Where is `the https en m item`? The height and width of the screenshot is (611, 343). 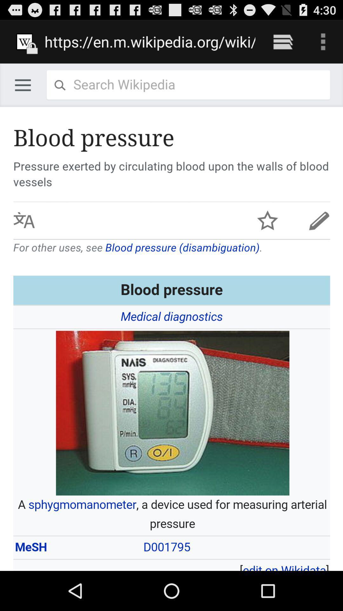
the https en m item is located at coordinates (150, 41).